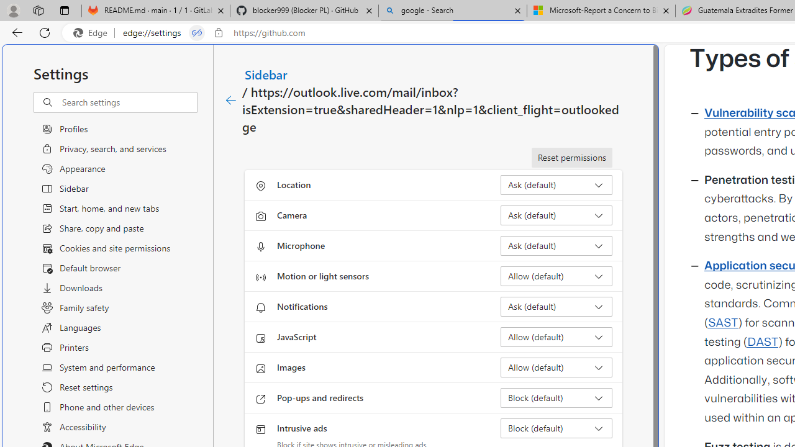 The image size is (795, 447). What do you see at coordinates (556, 185) in the screenshot?
I see `'Location Ask (default)'` at bounding box center [556, 185].